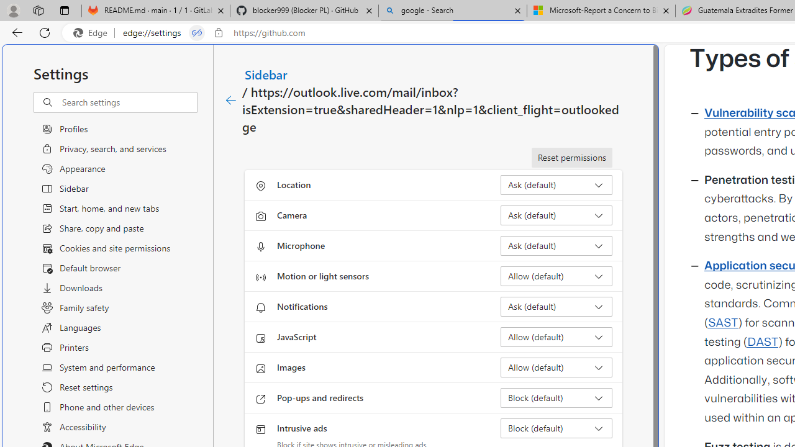 The image size is (795, 447). What do you see at coordinates (556, 185) in the screenshot?
I see `'Location Ask (default)'` at bounding box center [556, 185].